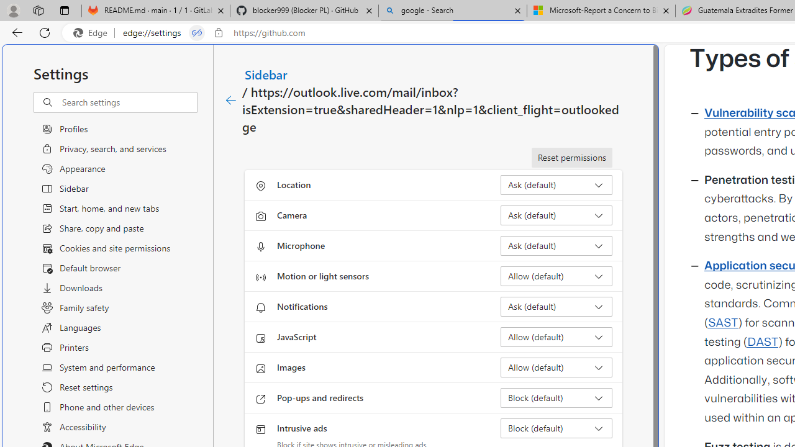 The image size is (795, 447). What do you see at coordinates (556, 185) in the screenshot?
I see `'Location Ask (default)'` at bounding box center [556, 185].